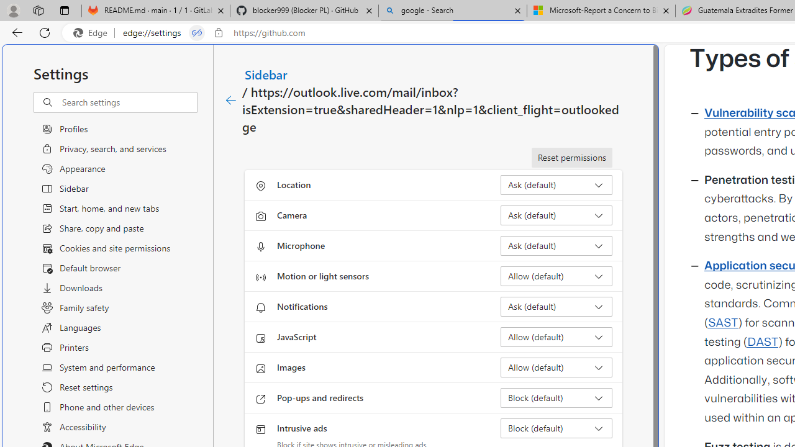 The image size is (795, 447). What do you see at coordinates (556, 185) in the screenshot?
I see `'Location Ask (default)'` at bounding box center [556, 185].